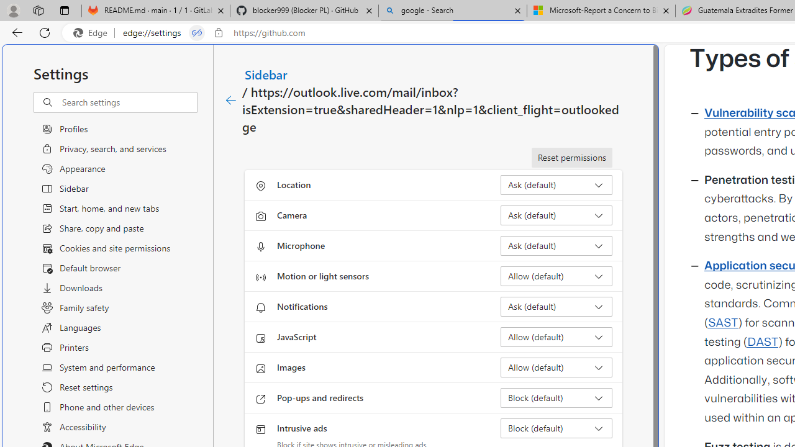 The image size is (795, 447). What do you see at coordinates (556, 185) in the screenshot?
I see `'Location Ask (default)'` at bounding box center [556, 185].